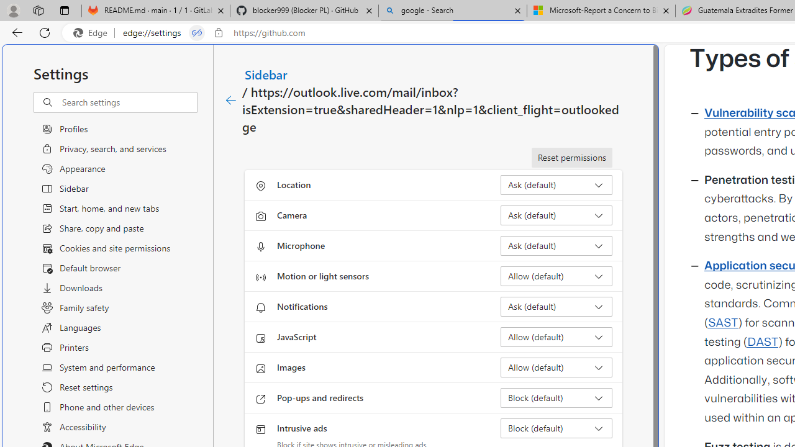 The image size is (795, 447). What do you see at coordinates (556, 185) in the screenshot?
I see `'Location Ask (default)'` at bounding box center [556, 185].